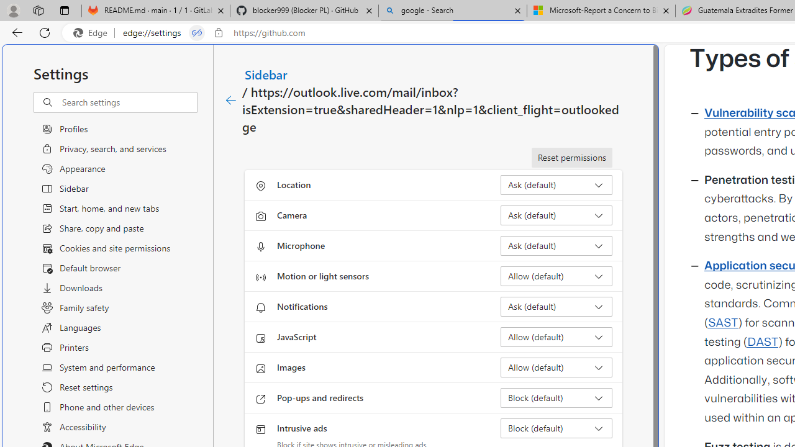 The image size is (795, 447). What do you see at coordinates (556, 185) in the screenshot?
I see `'Location Ask (default)'` at bounding box center [556, 185].